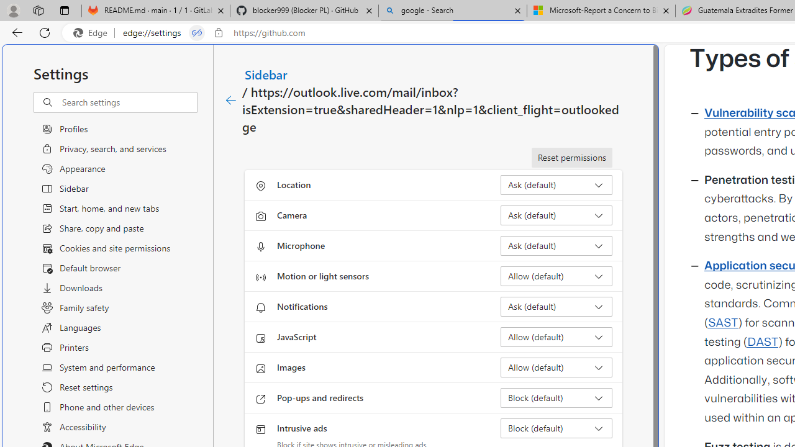 The image size is (795, 447). What do you see at coordinates (556, 185) in the screenshot?
I see `'Location Ask (default)'` at bounding box center [556, 185].